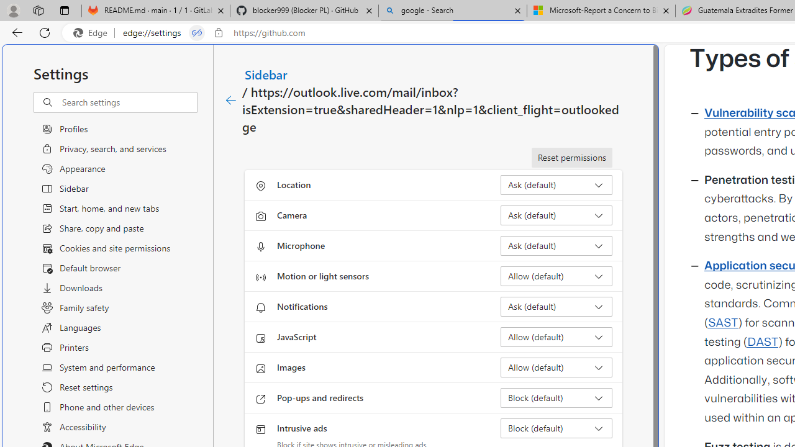 The image size is (795, 447). What do you see at coordinates (556, 185) in the screenshot?
I see `'Location Ask (default)'` at bounding box center [556, 185].